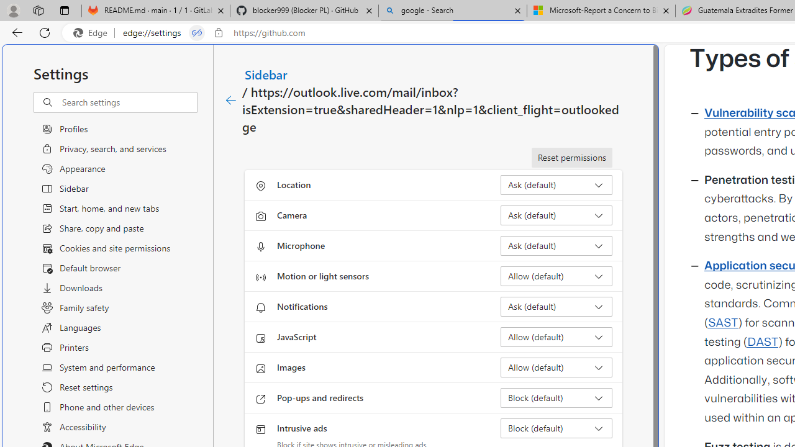 The image size is (795, 447). What do you see at coordinates (556, 185) in the screenshot?
I see `'Location Ask (default)'` at bounding box center [556, 185].